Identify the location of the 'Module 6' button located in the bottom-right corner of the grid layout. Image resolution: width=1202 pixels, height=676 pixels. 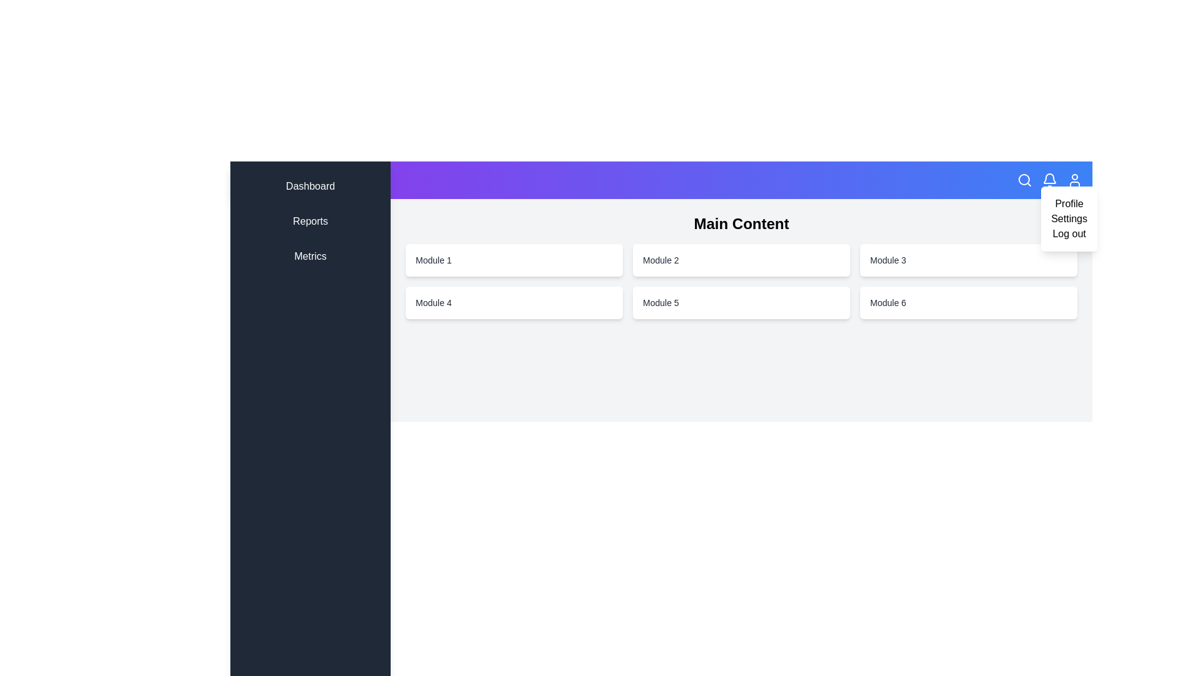
(968, 302).